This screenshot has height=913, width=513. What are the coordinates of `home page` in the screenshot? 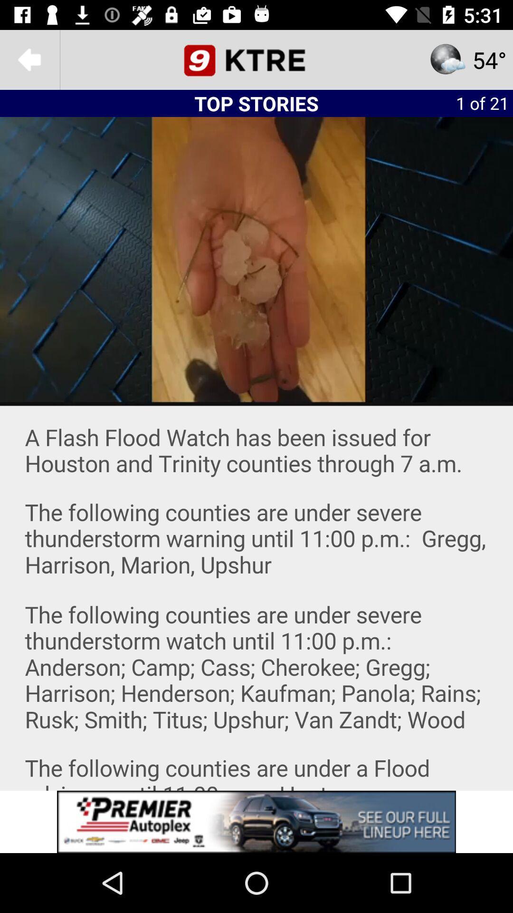 It's located at (256, 59).